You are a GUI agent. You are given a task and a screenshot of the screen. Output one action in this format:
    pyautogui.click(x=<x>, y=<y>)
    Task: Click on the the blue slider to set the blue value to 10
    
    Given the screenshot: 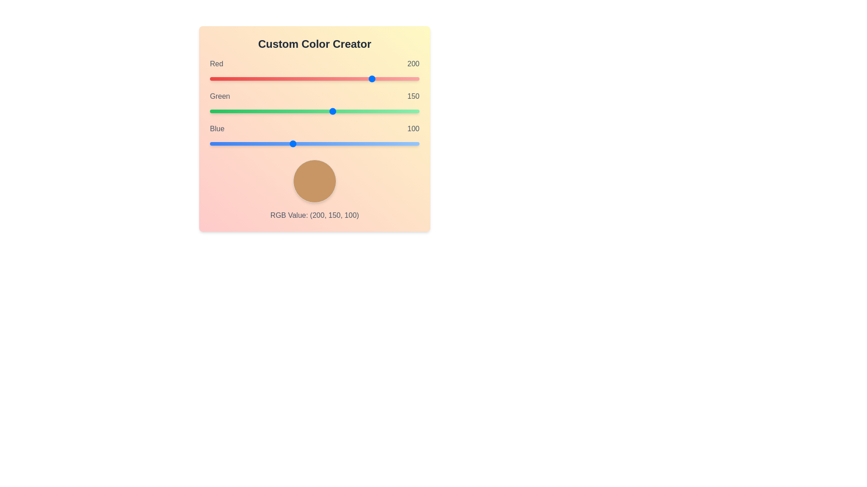 What is the action you would take?
    pyautogui.click(x=218, y=143)
    